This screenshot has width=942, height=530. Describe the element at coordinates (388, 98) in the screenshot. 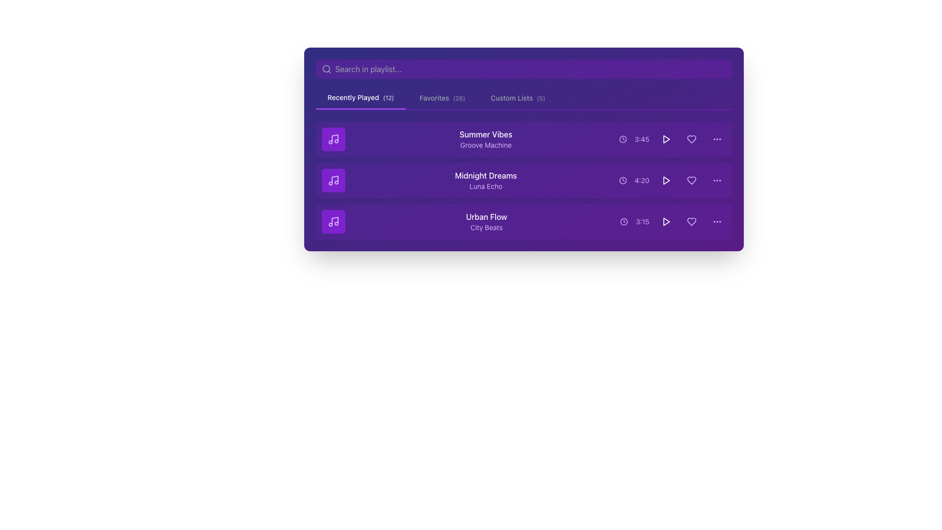

I see `the small static text displaying the number '(12)' located next to the 'Recently Played' label in the tabbed navigation section` at that location.